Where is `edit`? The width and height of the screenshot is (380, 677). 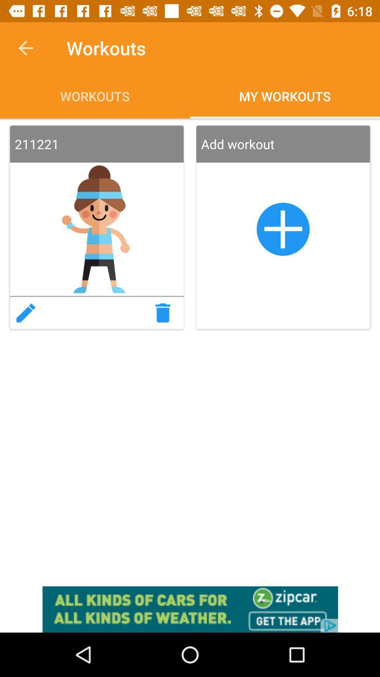
edit is located at coordinates (25, 312).